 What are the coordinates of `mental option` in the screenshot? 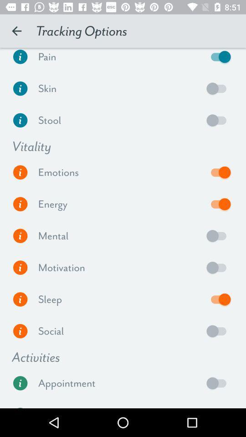 It's located at (218, 235).